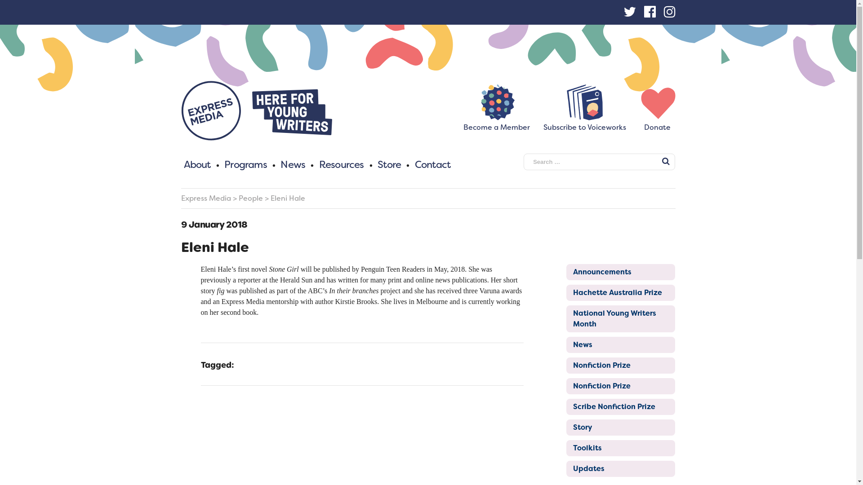 Image resolution: width=863 pixels, height=485 pixels. Describe the element at coordinates (250, 198) in the screenshot. I see `'People'` at that location.